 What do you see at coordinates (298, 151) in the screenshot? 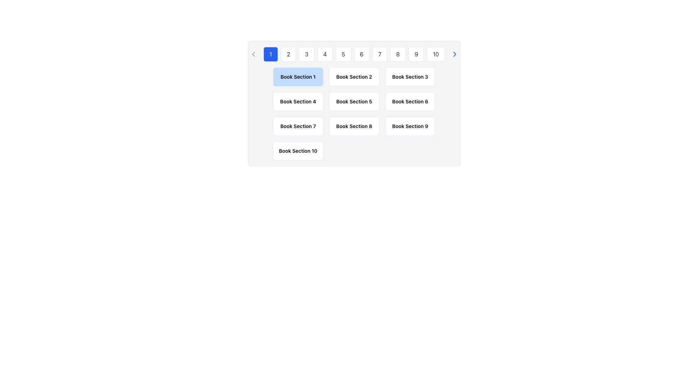
I see `the text label titled 'Book Section 10', which is the last item in a grid structure located in the bottom-right corner, serving as a category selector` at bounding box center [298, 151].